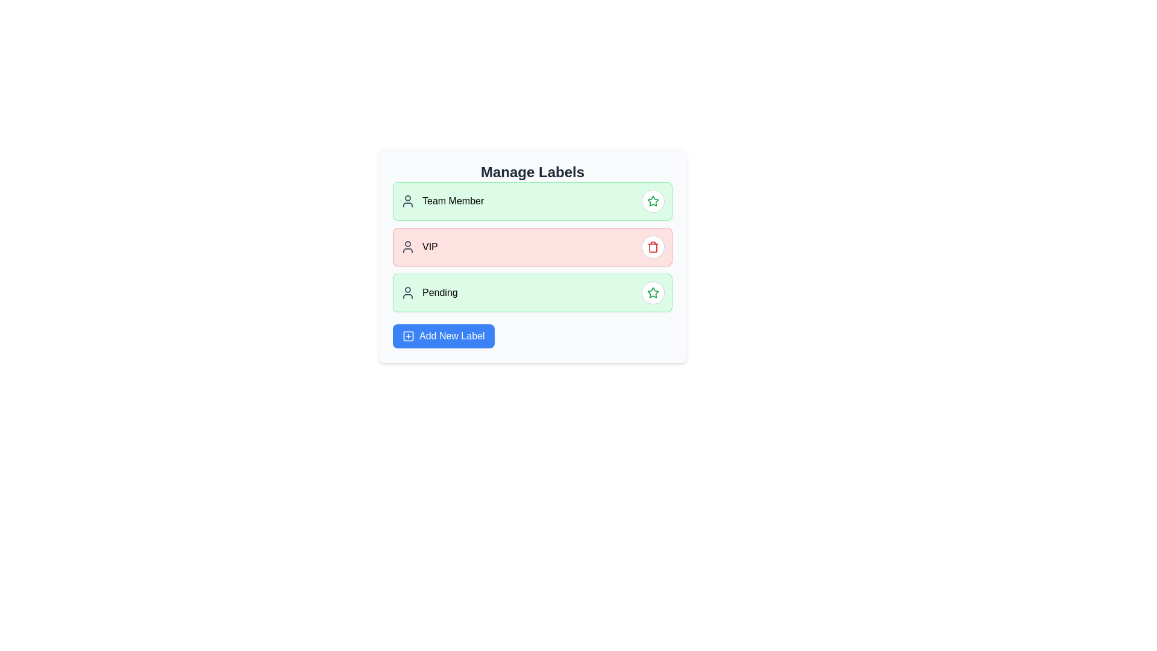 This screenshot has height=651, width=1157. I want to click on the VIP icon located to the left in the red-highlighted VIP section, which visually represents a user or member in the VIP category, so click(407, 246).